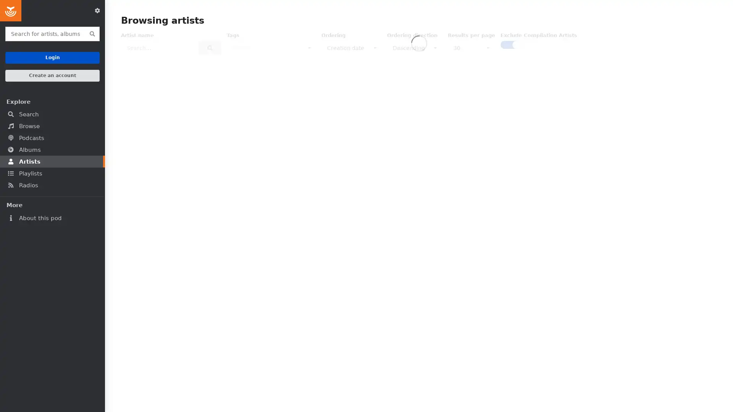 The height and width of the screenshot is (412, 733). I want to click on Play artist, so click(185, 262).